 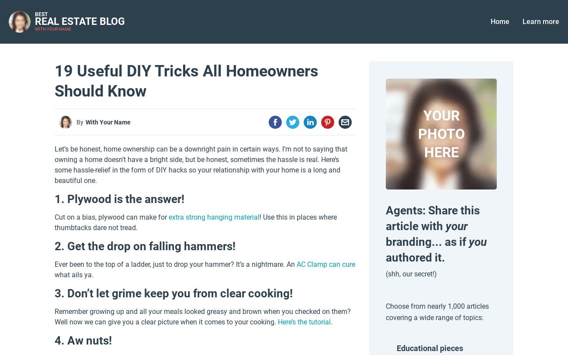 What do you see at coordinates (54, 164) in the screenshot?
I see `'Let’s be honest, home ownership can be a downright pain in certain ways. I’m not to saying that owning a home doesn’t have a bright side, but be honest, sometimes the hassle is real. Here’s some hassle-relief in the form of DIY hacks so your relationship with your home is a long and beautiful one.'` at bounding box center [54, 164].